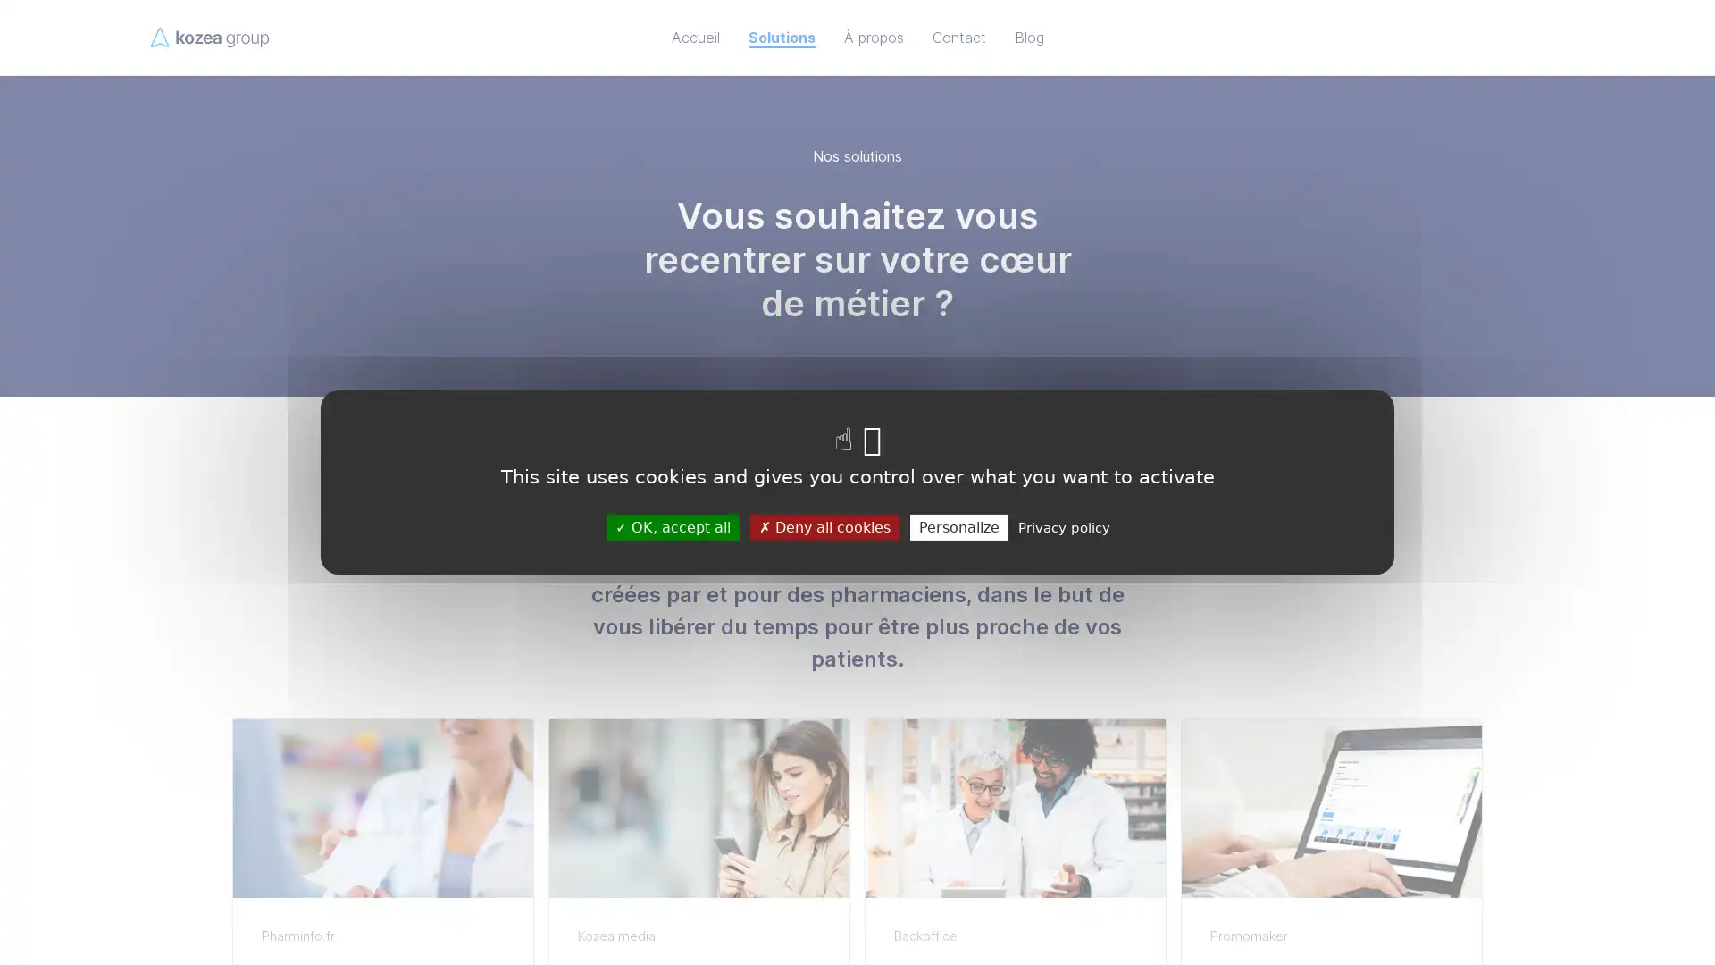  I want to click on Deny all cookies, so click(823, 526).